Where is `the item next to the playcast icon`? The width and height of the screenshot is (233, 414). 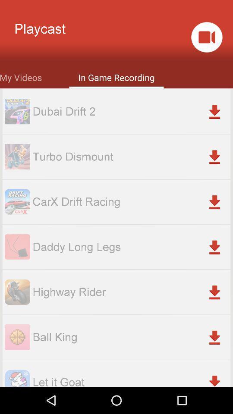 the item next to the playcast icon is located at coordinates (206, 37).